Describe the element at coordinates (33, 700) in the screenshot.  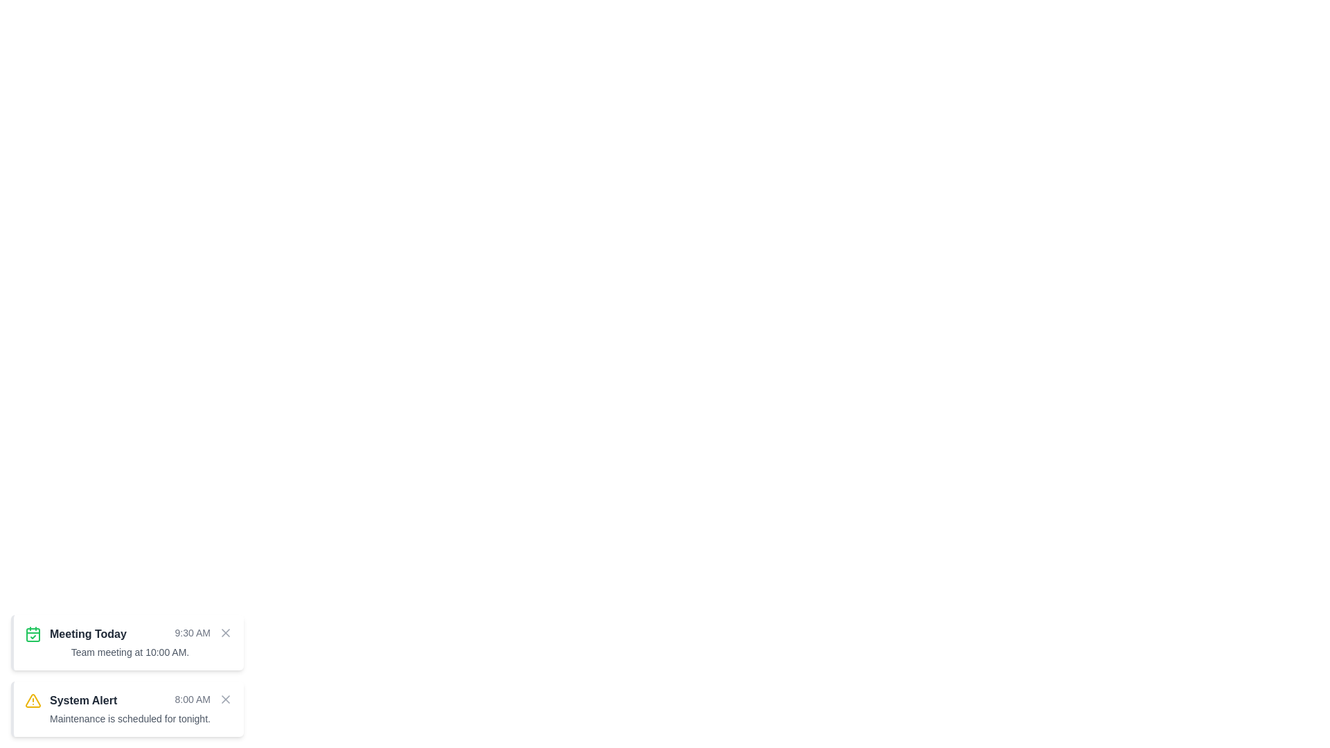
I see `the warning icon located centrally within the second notification card labeled 'System Alert'` at that location.